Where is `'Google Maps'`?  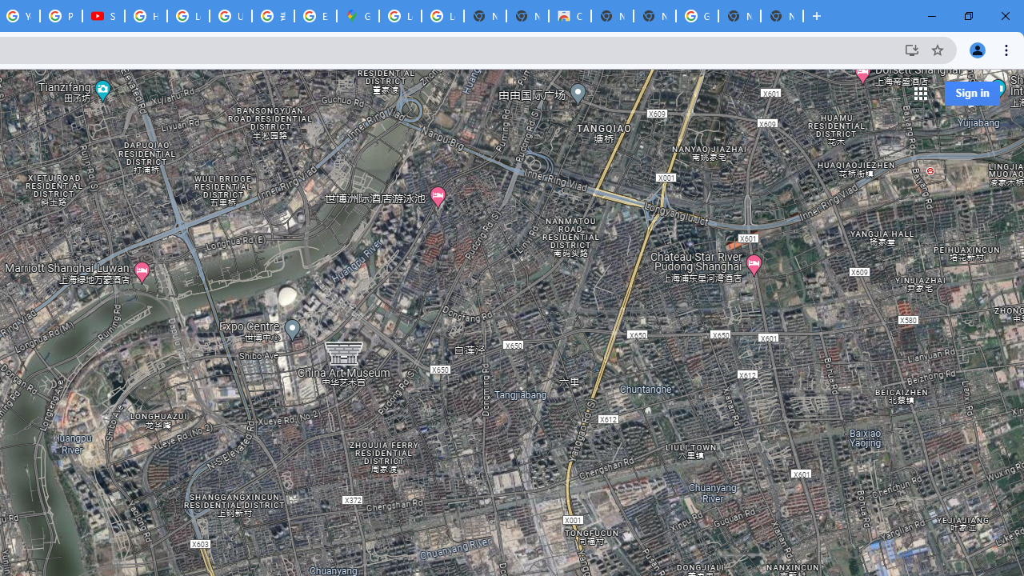
'Google Maps' is located at coordinates (357, 16).